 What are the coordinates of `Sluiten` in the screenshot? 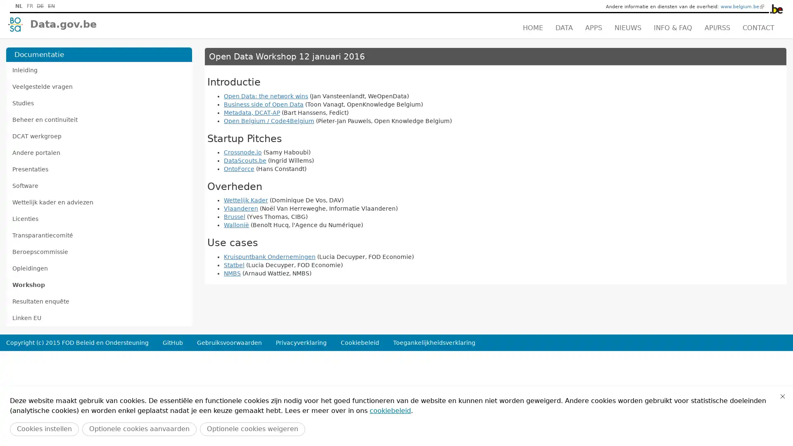 It's located at (782, 396).